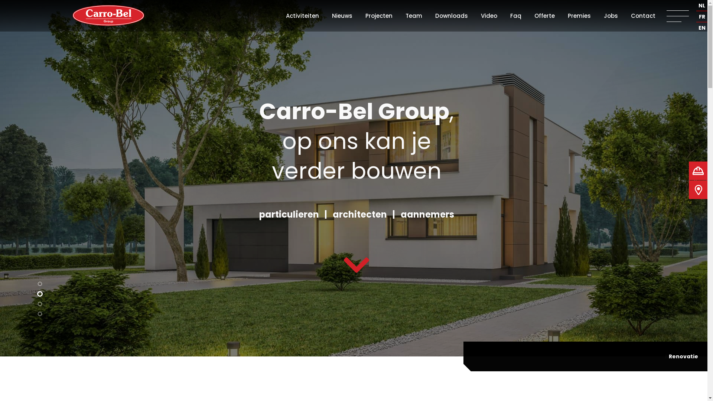 The image size is (713, 401). Describe the element at coordinates (39, 304) in the screenshot. I see `'3'` at that location.